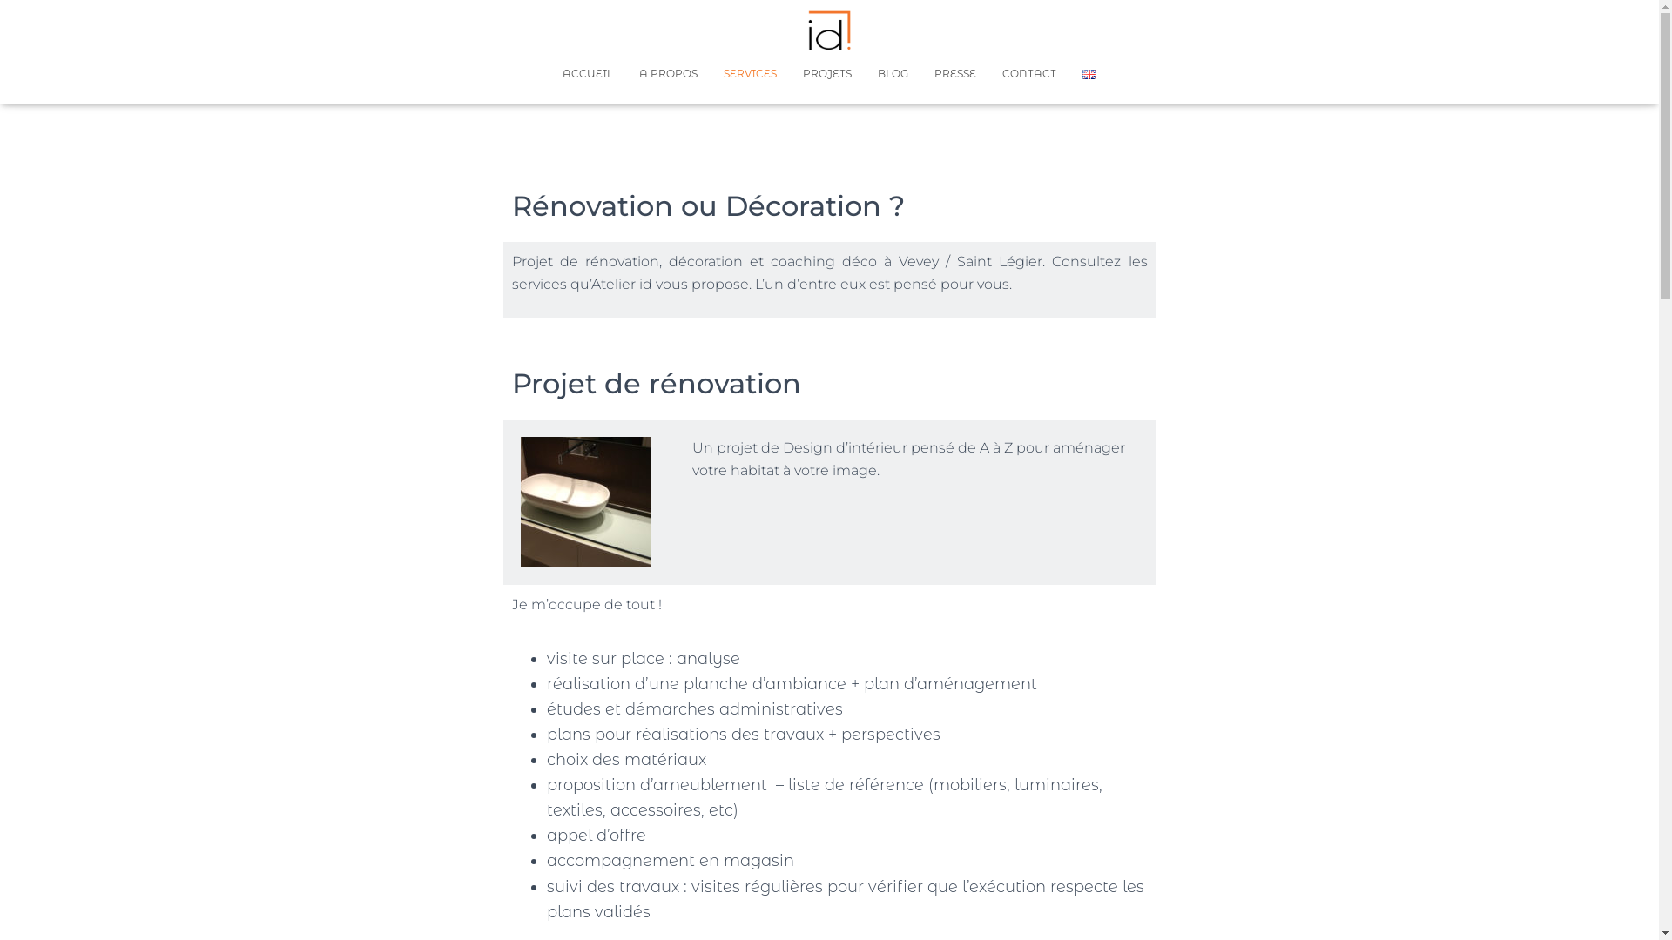  What do you see at coordinates (954, 72) in the screenshot?
I see `'PRESSE'` at bounding box center [954, 72].